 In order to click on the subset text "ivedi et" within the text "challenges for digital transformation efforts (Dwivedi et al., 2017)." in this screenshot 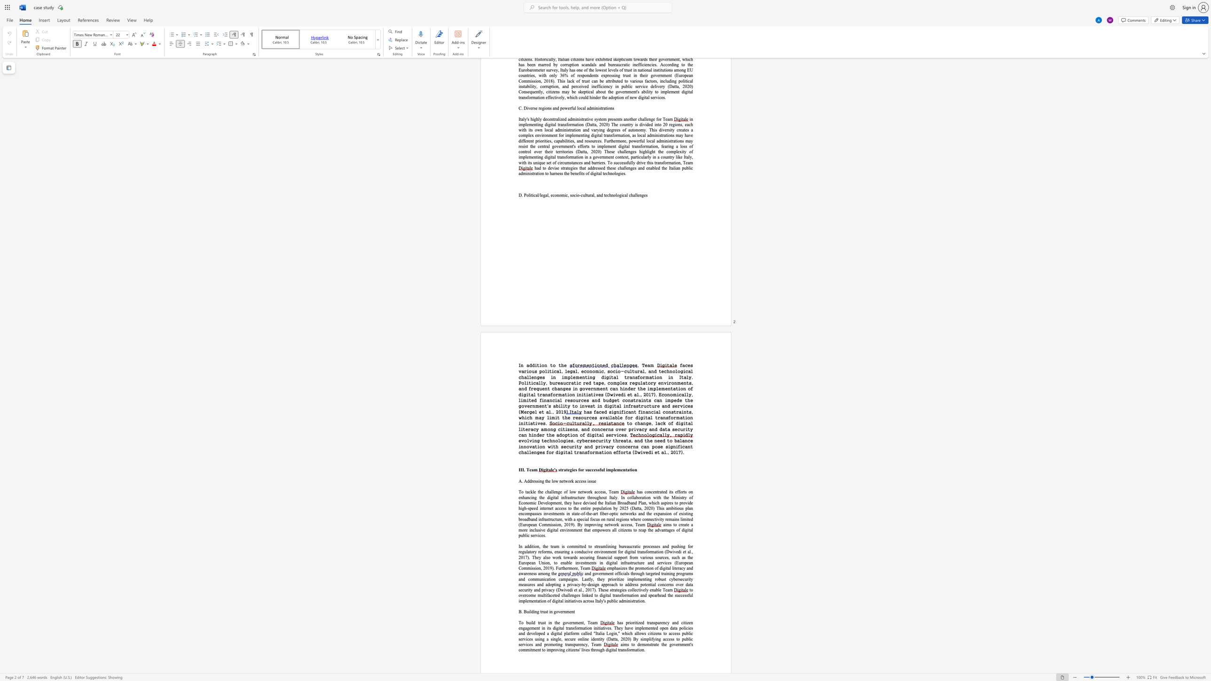, I will do `click(640, 452)`.